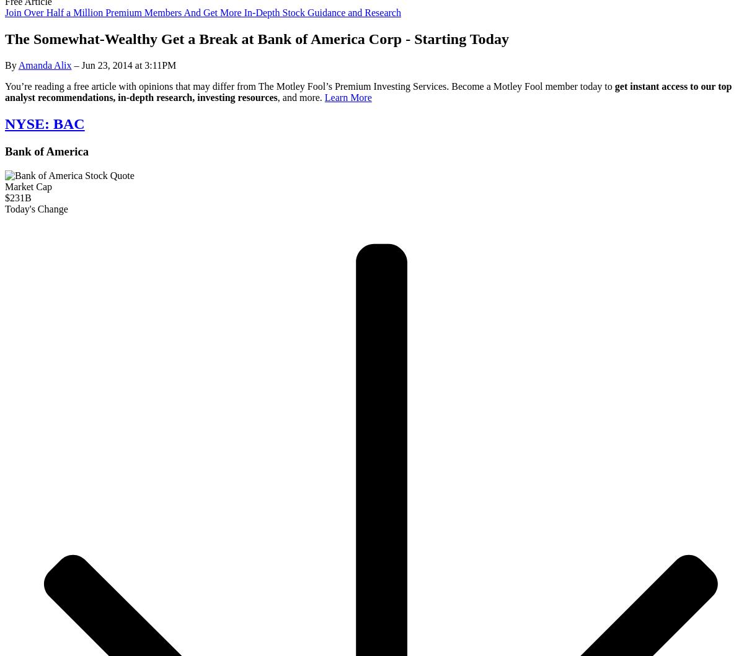 The image size is (744, 656). I want to click on 'NYSE: BAC', so click(45, 123).